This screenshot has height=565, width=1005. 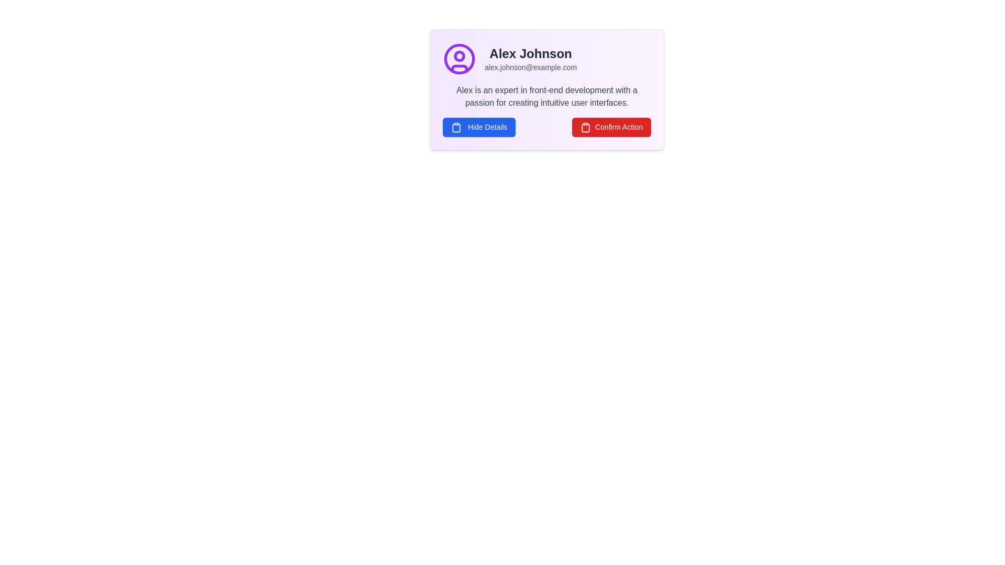 What do you see at coordinates (531, 59) in the screenshot?
I see `the text block displaying the name 'Alex Johnson' and email 'alex.johnson@example.com', which is prominently styled and positioned to the right of the profile icon` at bounding box center [531, 59].